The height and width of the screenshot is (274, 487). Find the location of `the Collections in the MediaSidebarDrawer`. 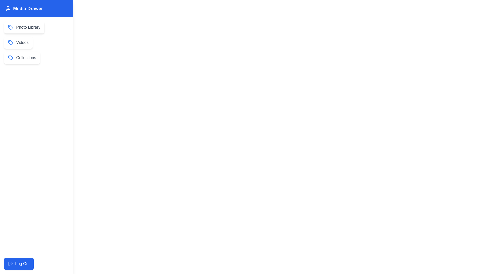

the Collections in the MediaSidebarDrawer is located at coordinates (22, 57).